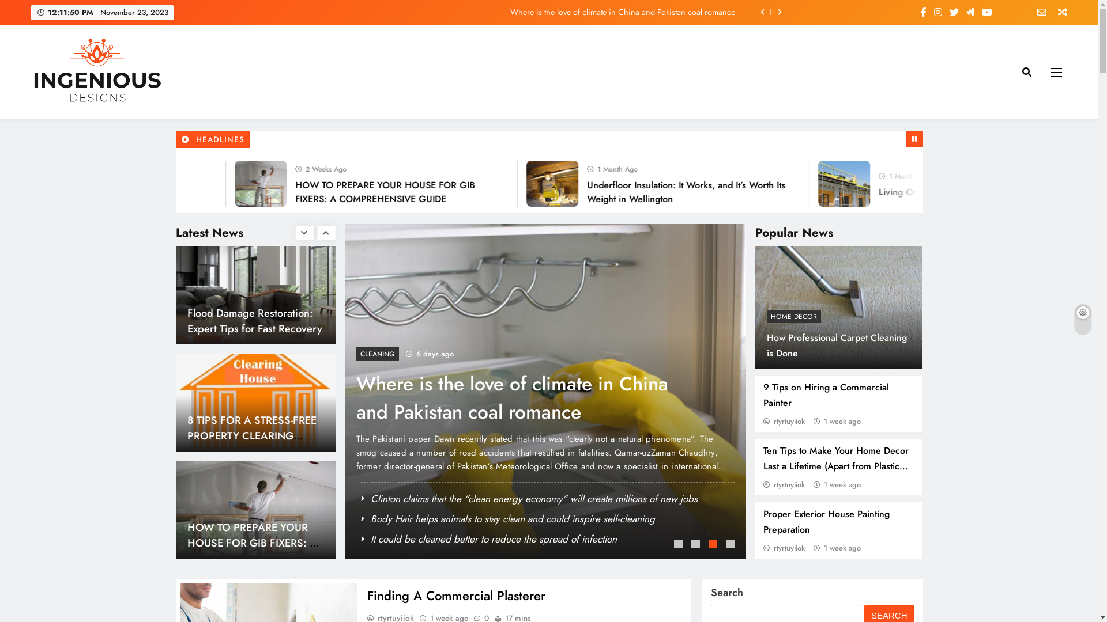  Describe the element at coordinates (837, 345) in the screenshot. I see `'How Professional Carpet Cleaning is Done'` at that location.